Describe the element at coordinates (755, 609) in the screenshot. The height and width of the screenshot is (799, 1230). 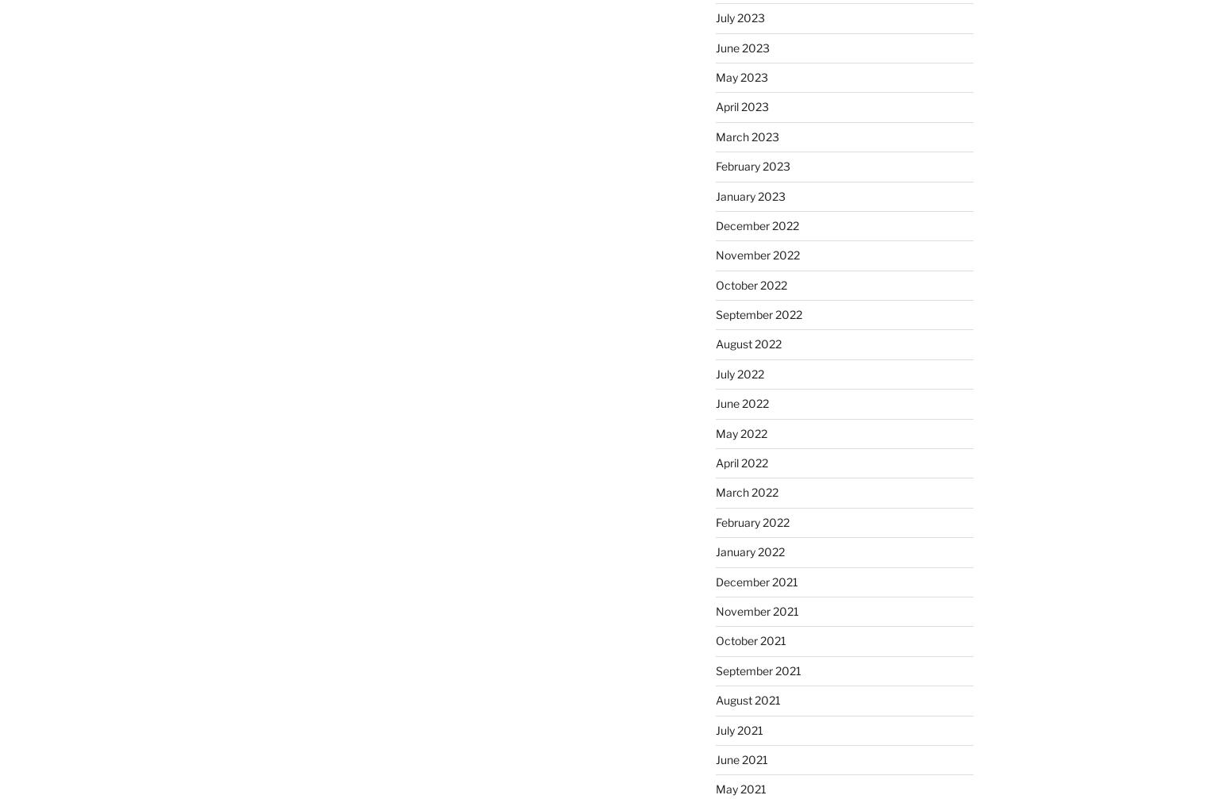
I see `'November 2021'` at that location.